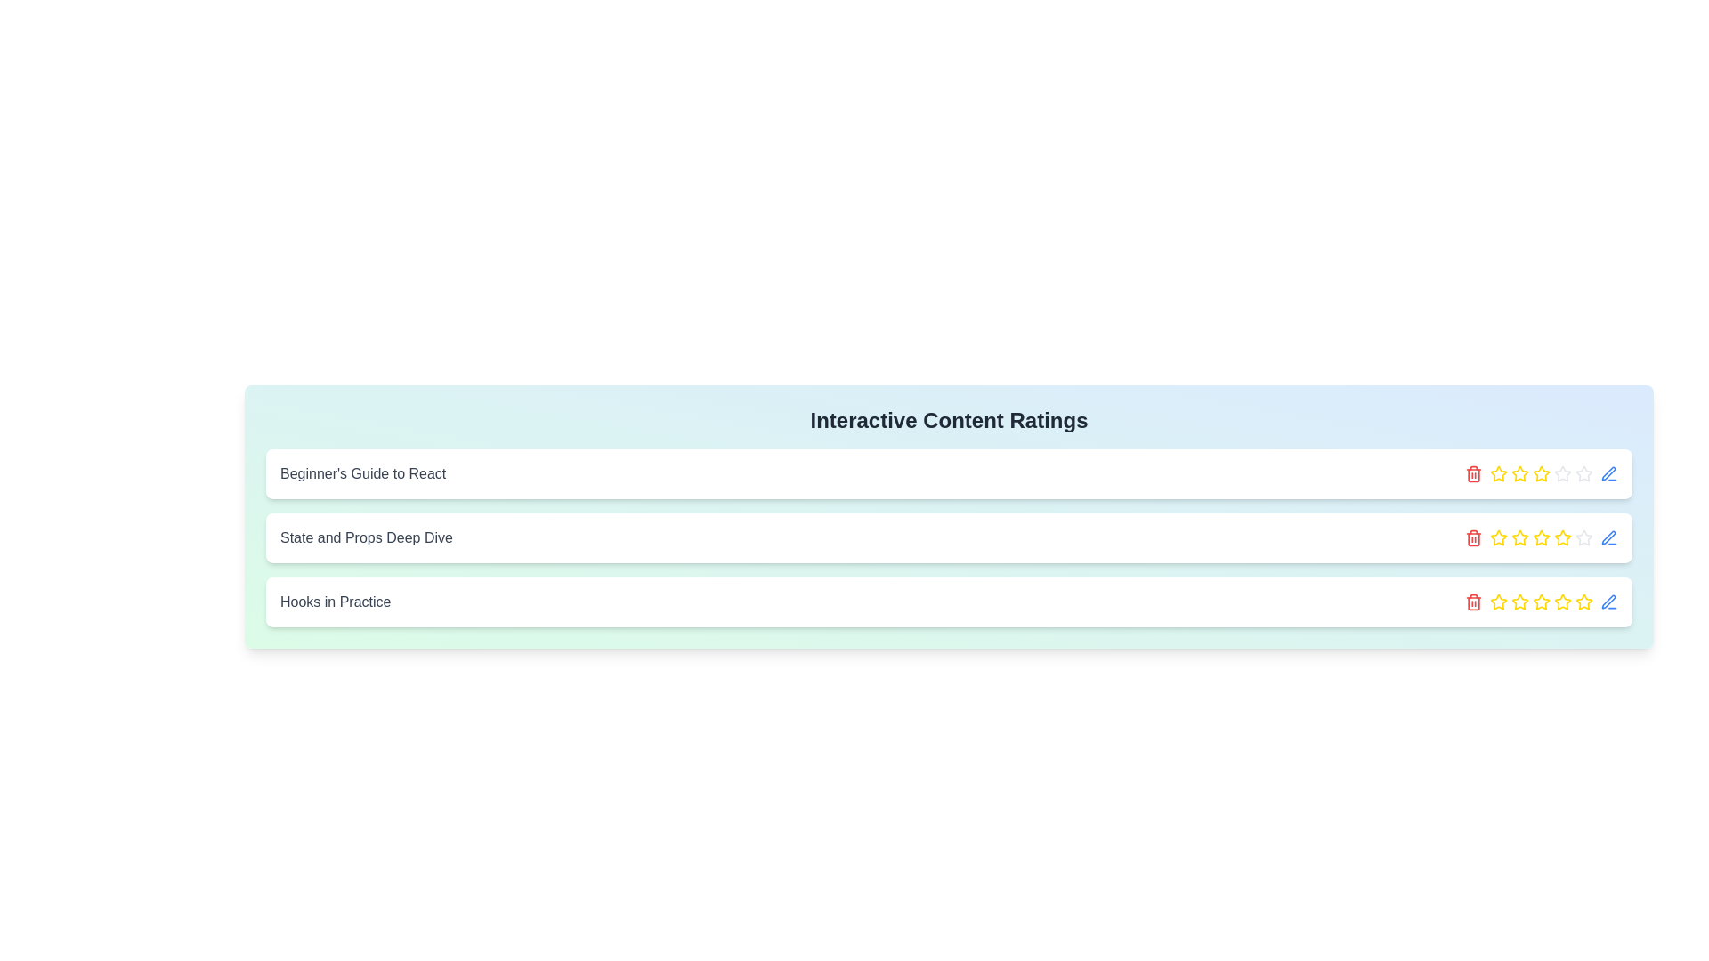 The height and width of the screenshot is (961, 1709). I want to click on the first star icon in the rating system, located in the bottommost row of interactive content to the right of the text label, so click(1498, 602).